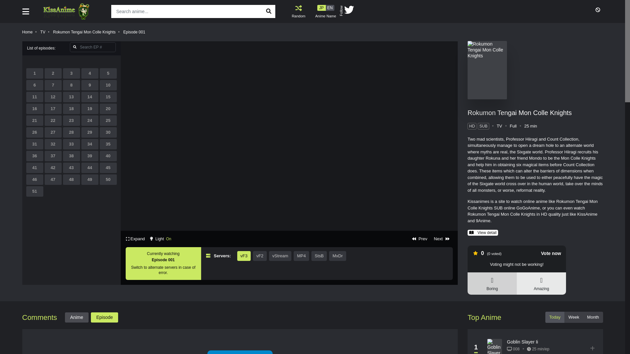 The height and width of the screenshot is (354, 630). What do you see at coordinates (108, 97) in the screenshot?
I see `'15'` at bounding box center [108, 97].